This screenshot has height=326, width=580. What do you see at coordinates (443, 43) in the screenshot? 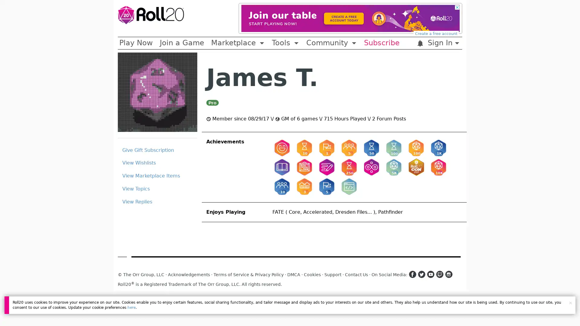
I see `Sign In` at bounding box center [443, 43].